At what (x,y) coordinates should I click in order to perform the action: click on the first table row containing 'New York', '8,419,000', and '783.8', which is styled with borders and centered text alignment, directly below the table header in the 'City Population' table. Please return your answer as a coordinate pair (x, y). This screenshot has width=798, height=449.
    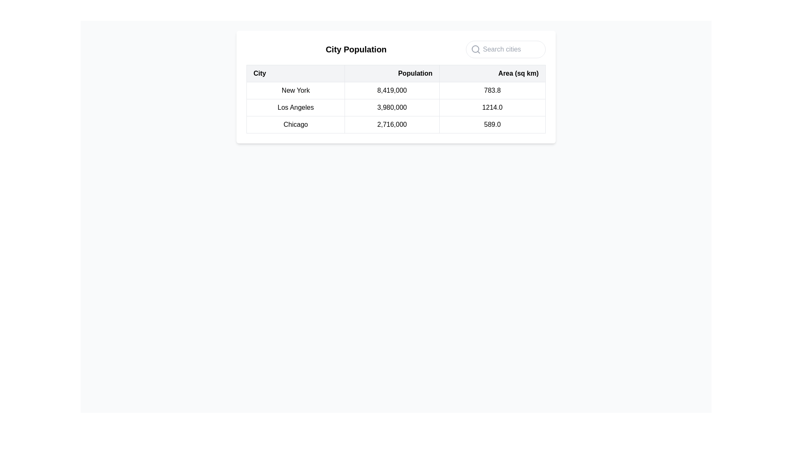
    Looking at the image, I should click on (396, 91).